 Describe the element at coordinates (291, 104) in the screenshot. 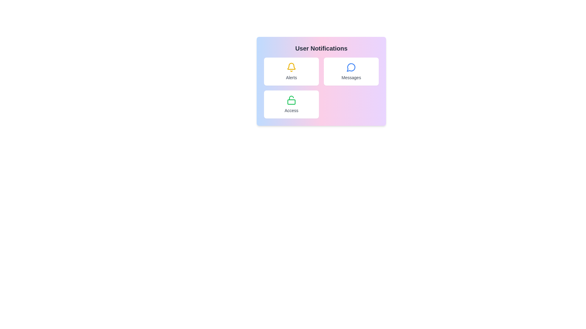

I see `the green 'Access' button with an unlocked padlock icon located in the lower-left cell of the grid layout` at that location.